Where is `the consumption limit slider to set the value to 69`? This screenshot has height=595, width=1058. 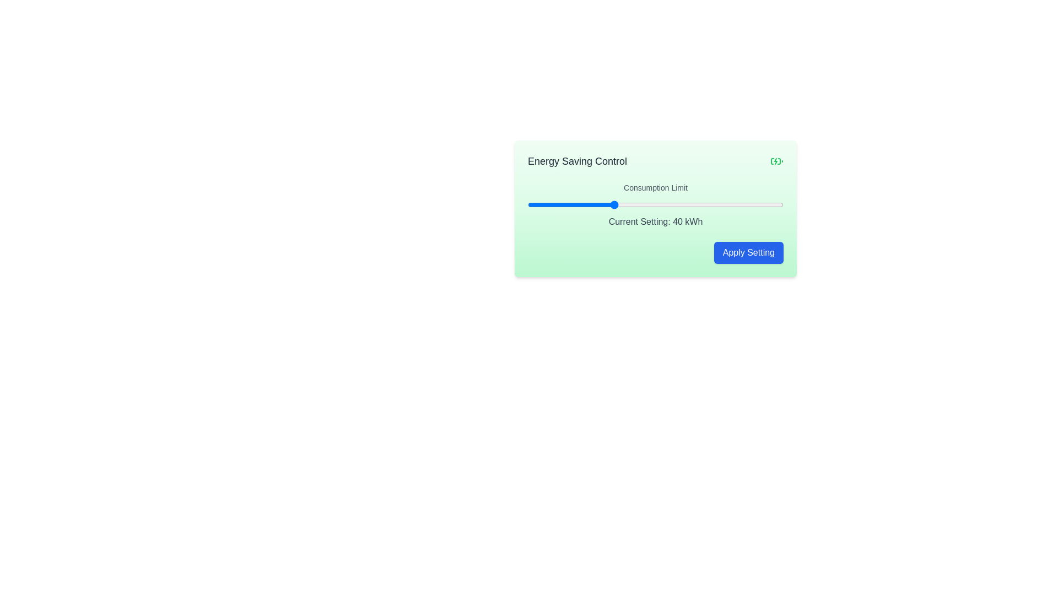
the consumption limit slider to set the value to 69 is located at coordinates (736, 204).